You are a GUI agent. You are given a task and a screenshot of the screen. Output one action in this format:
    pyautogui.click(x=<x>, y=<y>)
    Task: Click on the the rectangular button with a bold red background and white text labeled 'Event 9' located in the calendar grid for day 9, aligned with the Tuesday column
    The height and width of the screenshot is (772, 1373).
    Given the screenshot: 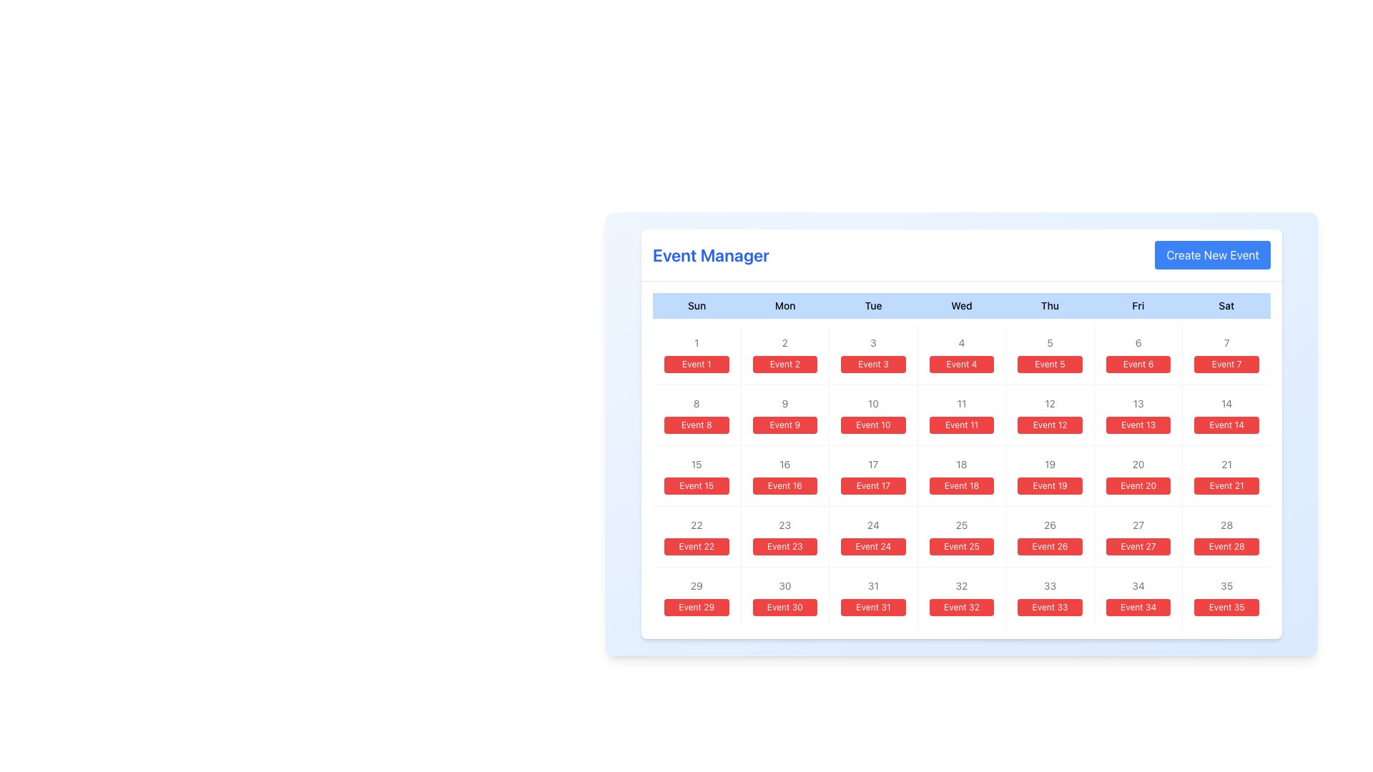 What is the action you would take?
    pyautogui.click(x=784, y=424)
    